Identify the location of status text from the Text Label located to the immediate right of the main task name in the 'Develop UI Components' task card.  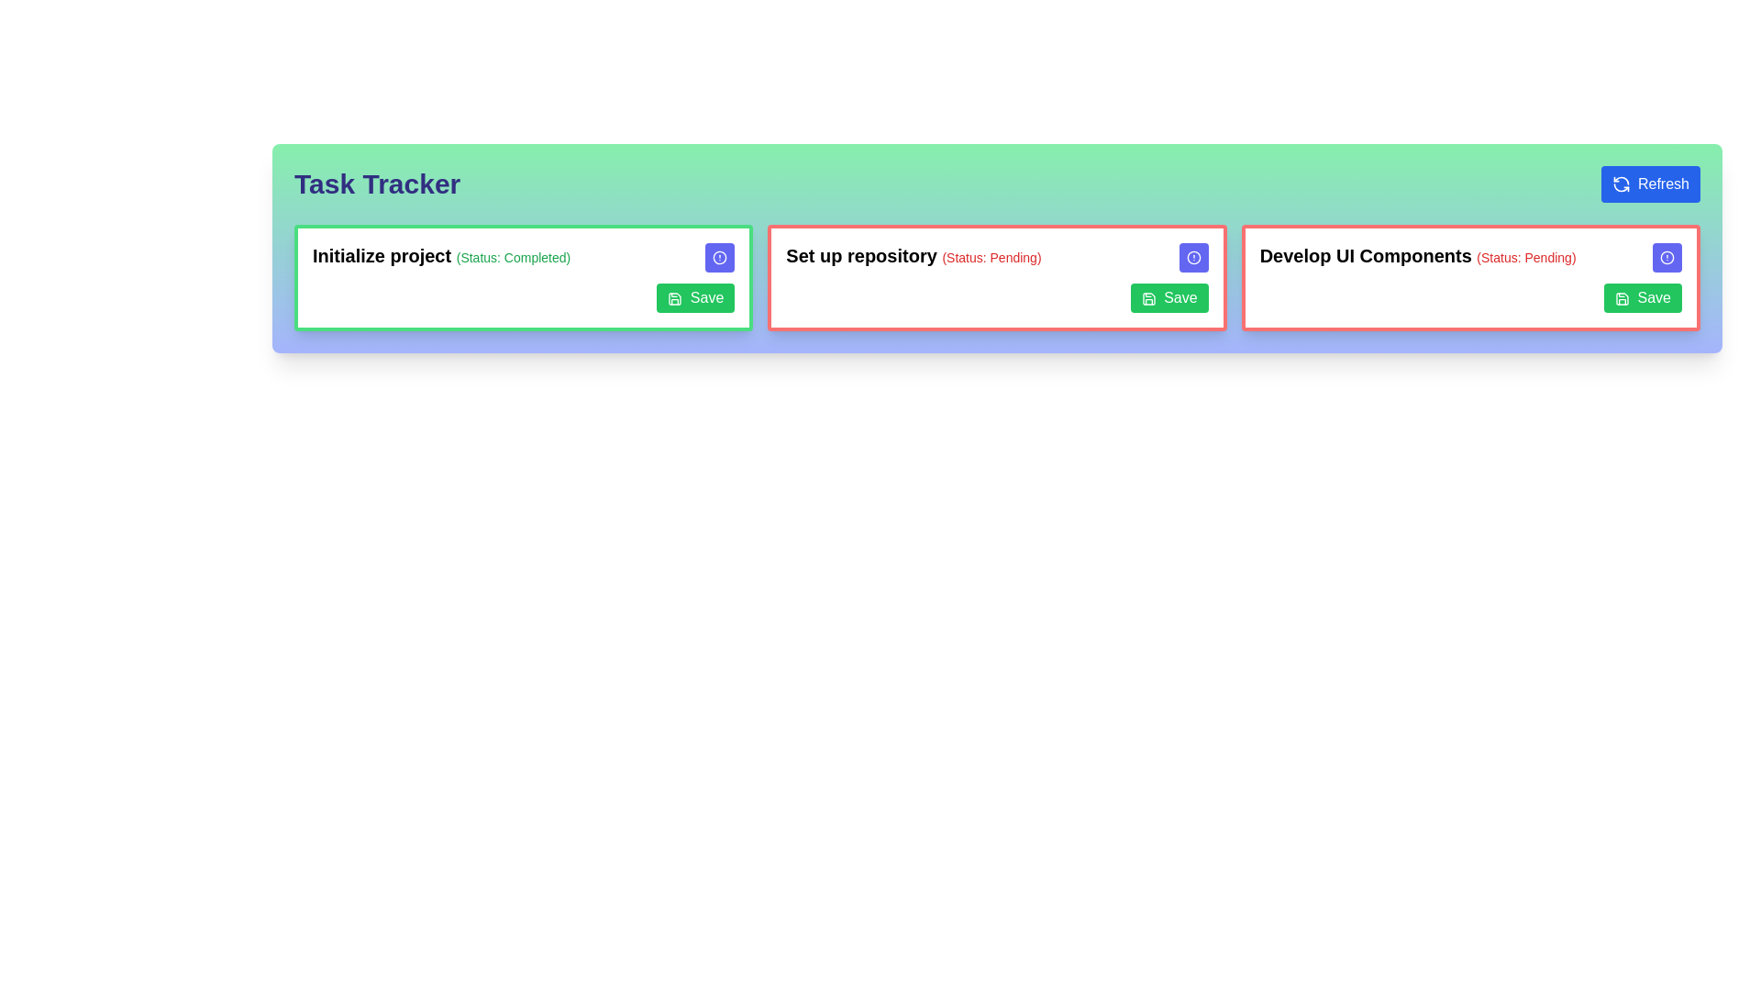
(1526, 258).